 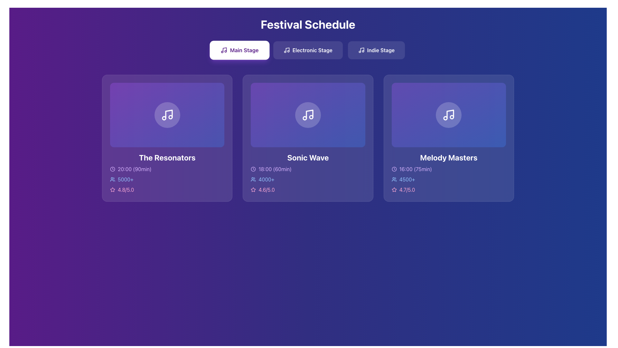 I want to click on the clock icon element in the details section of the 'Melody Masters' card, which indicates time-related information, so click(x=394, y=169).